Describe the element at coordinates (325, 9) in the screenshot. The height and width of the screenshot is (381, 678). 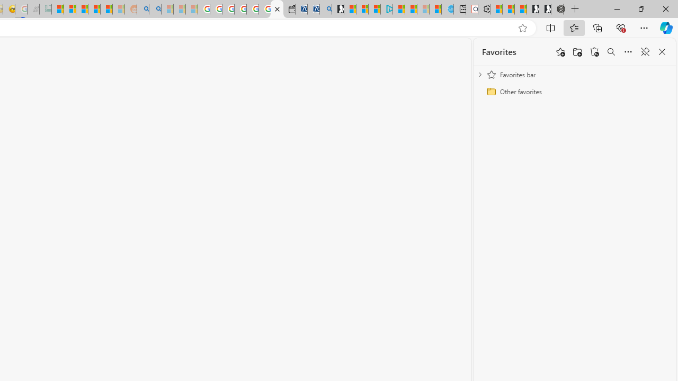
I see `'Bing Real Estate - Home sales and rental listings'` at that location.